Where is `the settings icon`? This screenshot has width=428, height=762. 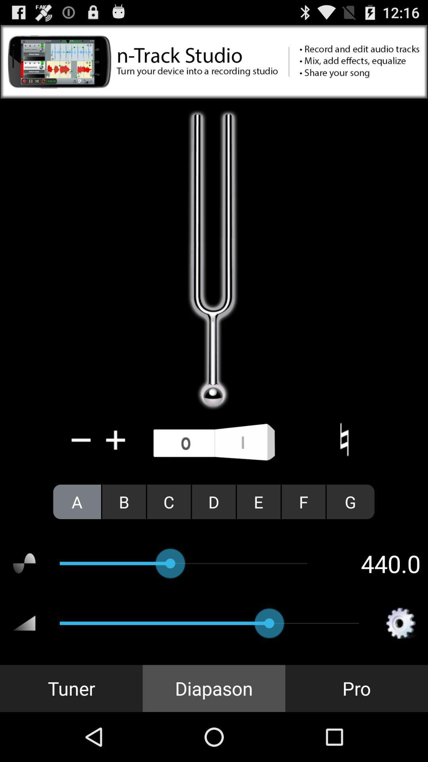 the settings icon is located at coordinates (402, 667).